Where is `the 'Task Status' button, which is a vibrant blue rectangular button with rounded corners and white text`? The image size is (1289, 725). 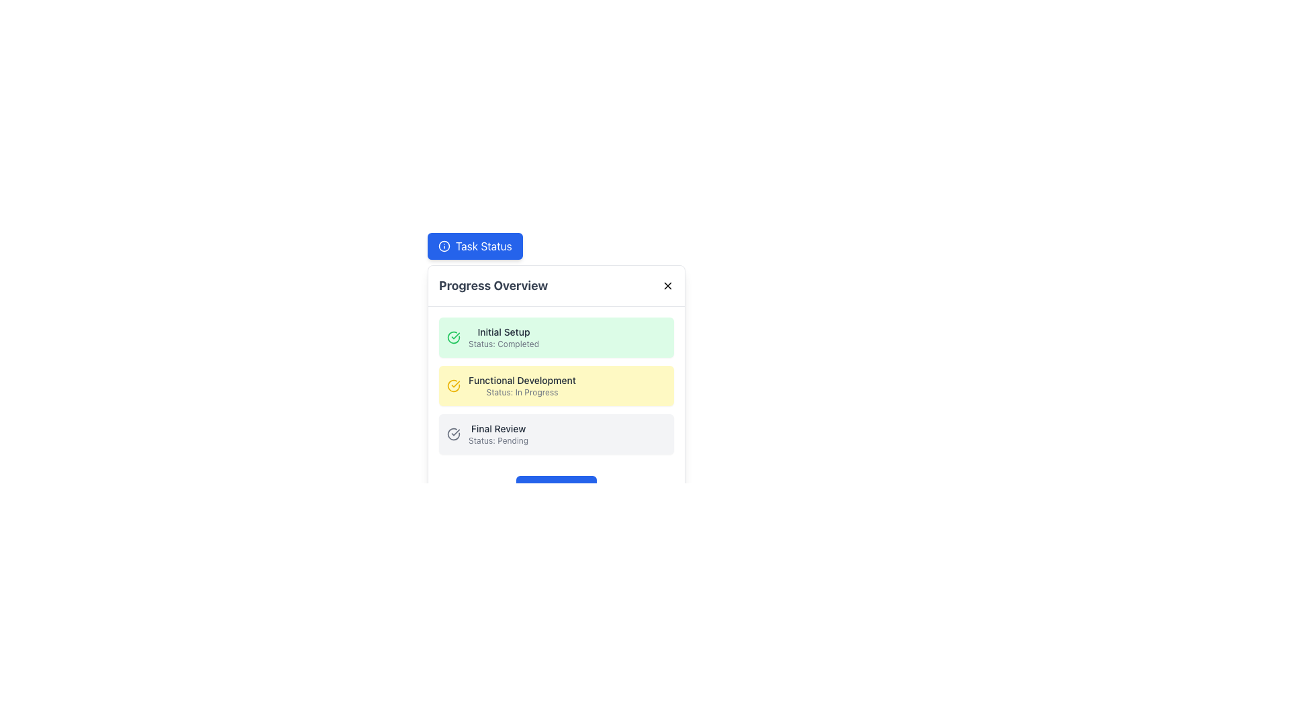
the 'Task Status' button, which is a vibrant blue rectangular button with rounded corners and white text is located at coordinates (475, 246).